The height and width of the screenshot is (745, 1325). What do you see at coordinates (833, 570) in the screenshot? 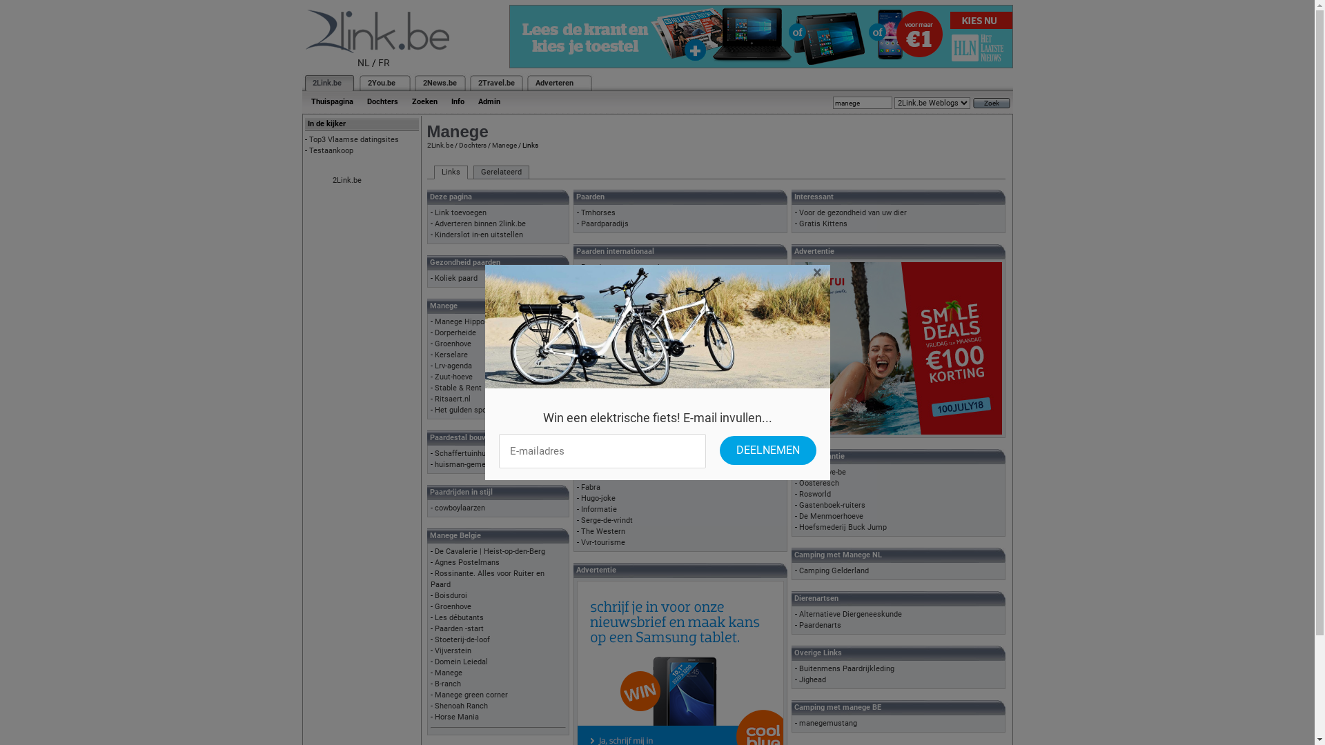
I see `'Camping Gelderland'` at bounding box center [833, 570].